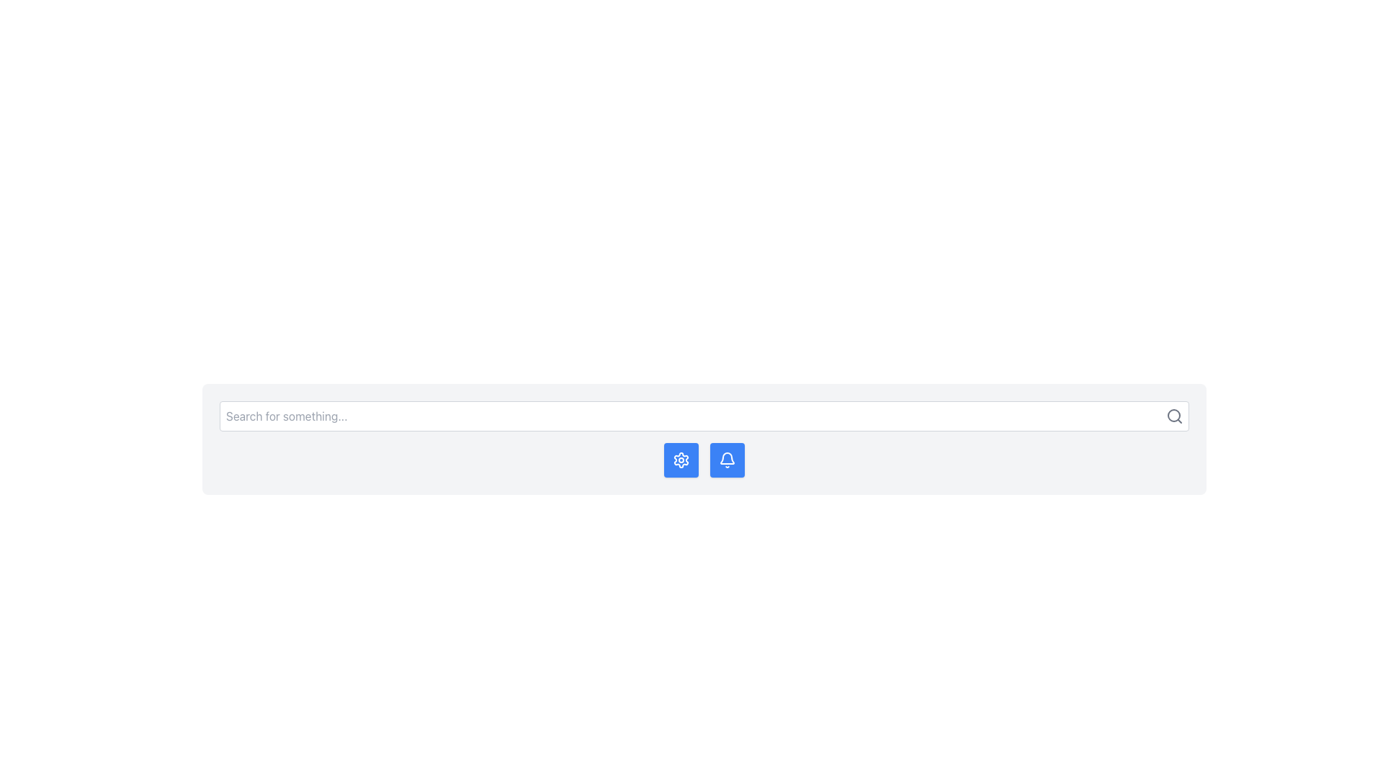  What do you see at coordinates (727, 460) in the screenshot?
I see `the notification button, which is the second button from the right in its group` at bounding box center [727, 460].